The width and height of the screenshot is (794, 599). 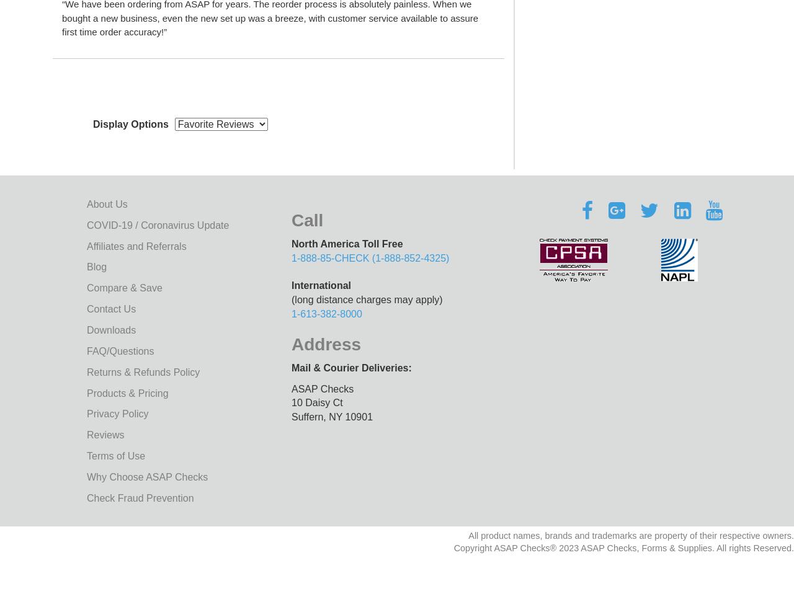 What do you see at coordinates (336, 417) in the screenshot?
I see `'NY'` at bounding box center [336, 417].